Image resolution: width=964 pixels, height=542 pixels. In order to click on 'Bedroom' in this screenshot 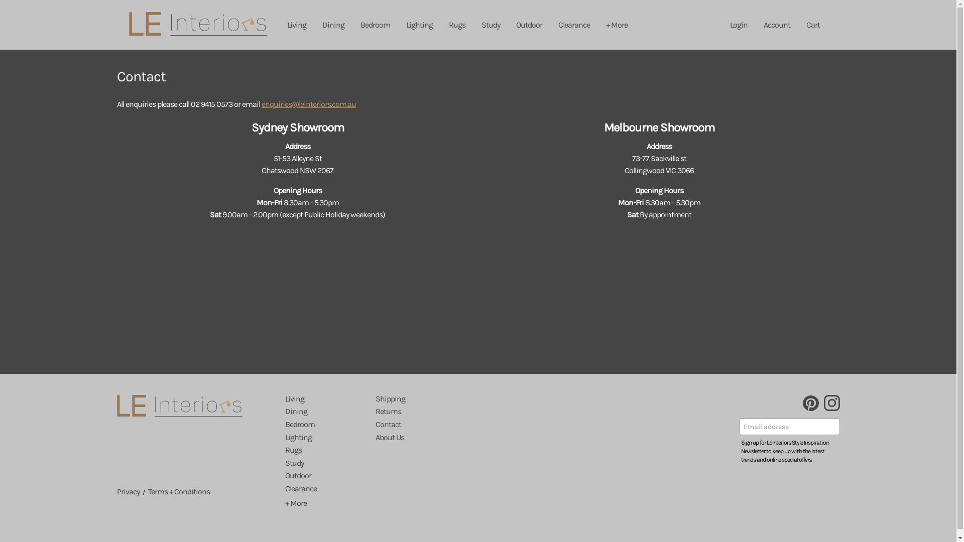, I will do `click(375, 24)`.